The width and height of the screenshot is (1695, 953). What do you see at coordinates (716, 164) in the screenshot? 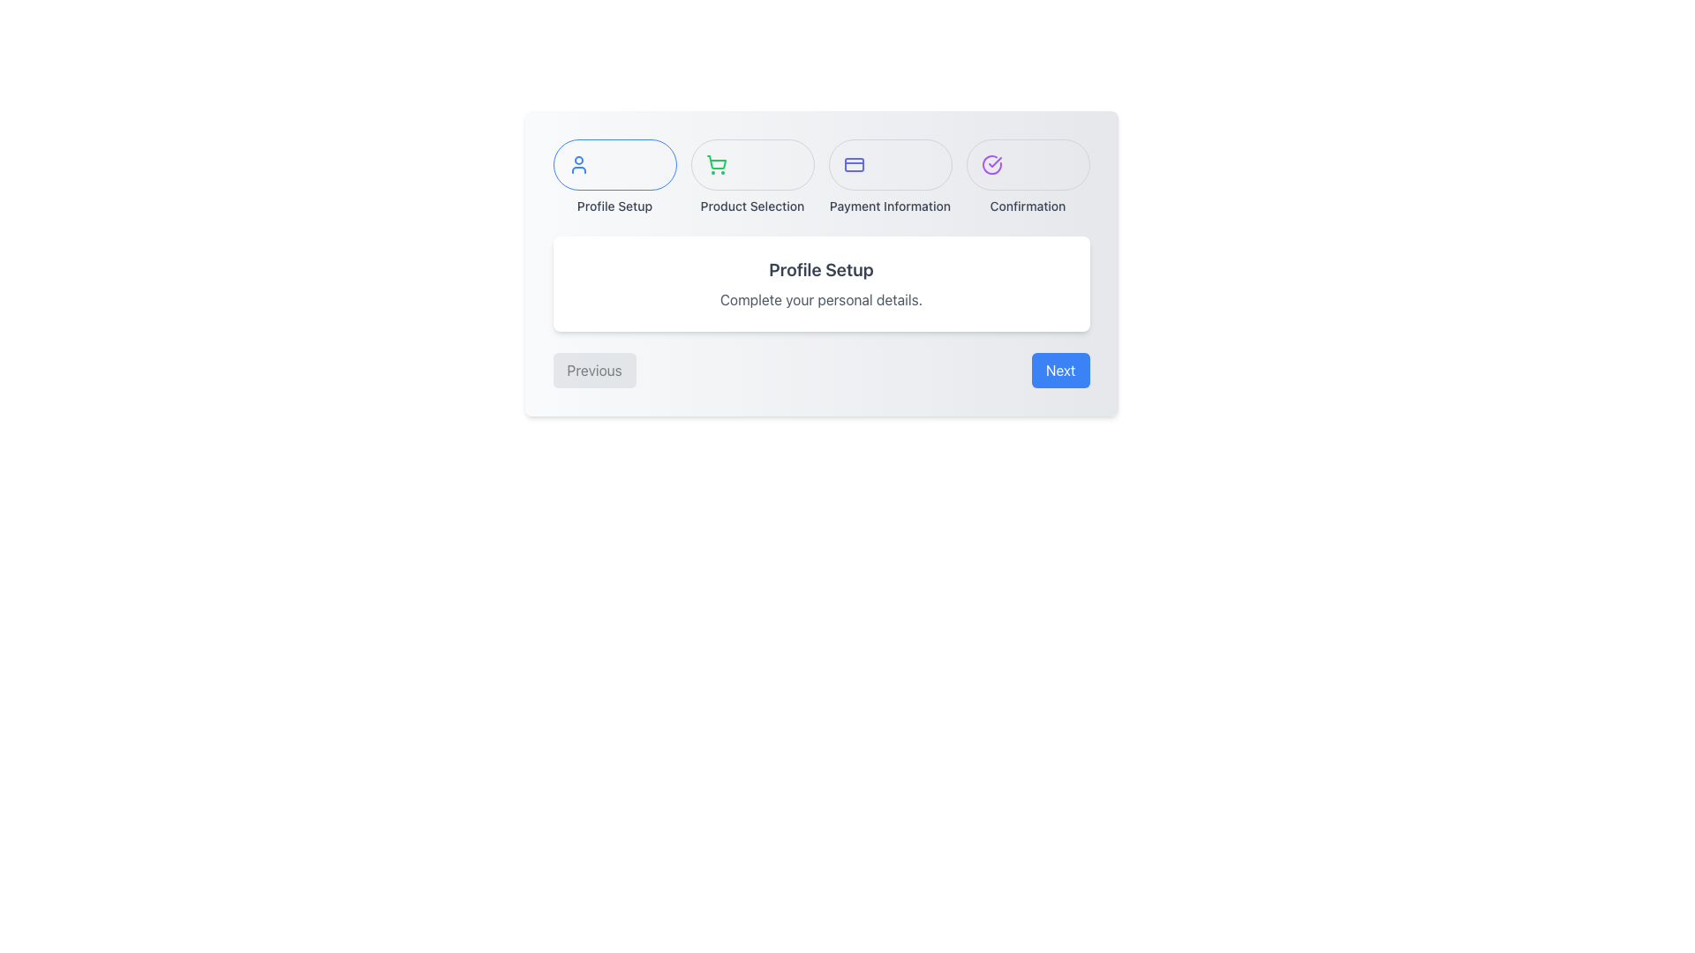
I see `the green shopping cart icon in the navigation bar` at bounding box center [716, 164].